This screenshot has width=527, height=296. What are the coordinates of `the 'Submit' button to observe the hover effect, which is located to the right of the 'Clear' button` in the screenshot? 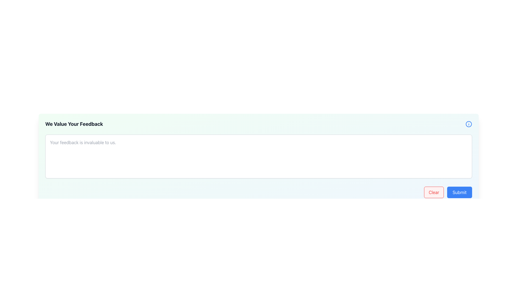 It's located at (459, 192).